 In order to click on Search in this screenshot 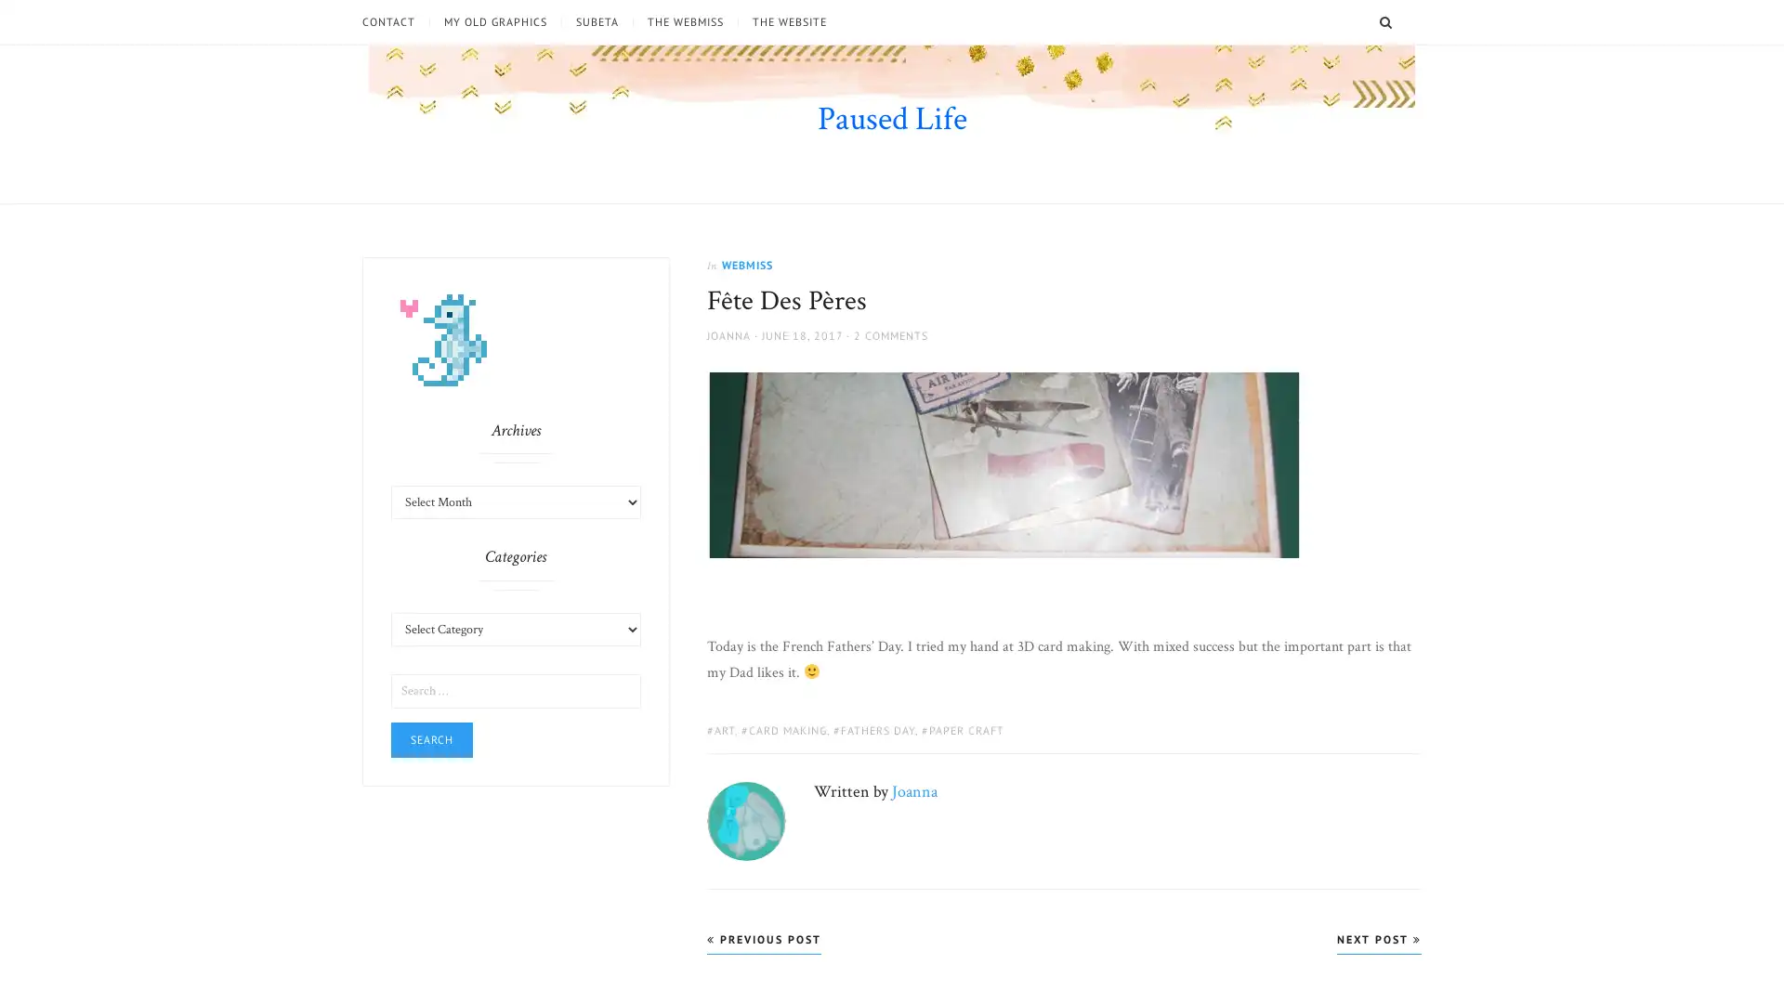, I will do `click(431, 737)`.